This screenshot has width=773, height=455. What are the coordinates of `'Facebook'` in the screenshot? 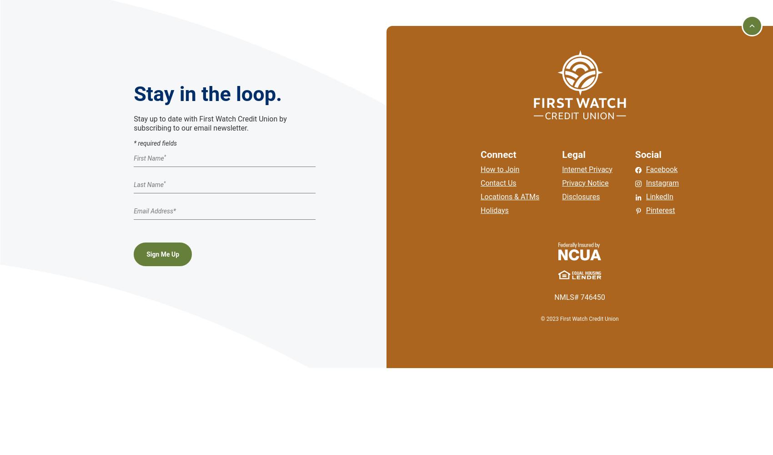 It's located at (661, 168).